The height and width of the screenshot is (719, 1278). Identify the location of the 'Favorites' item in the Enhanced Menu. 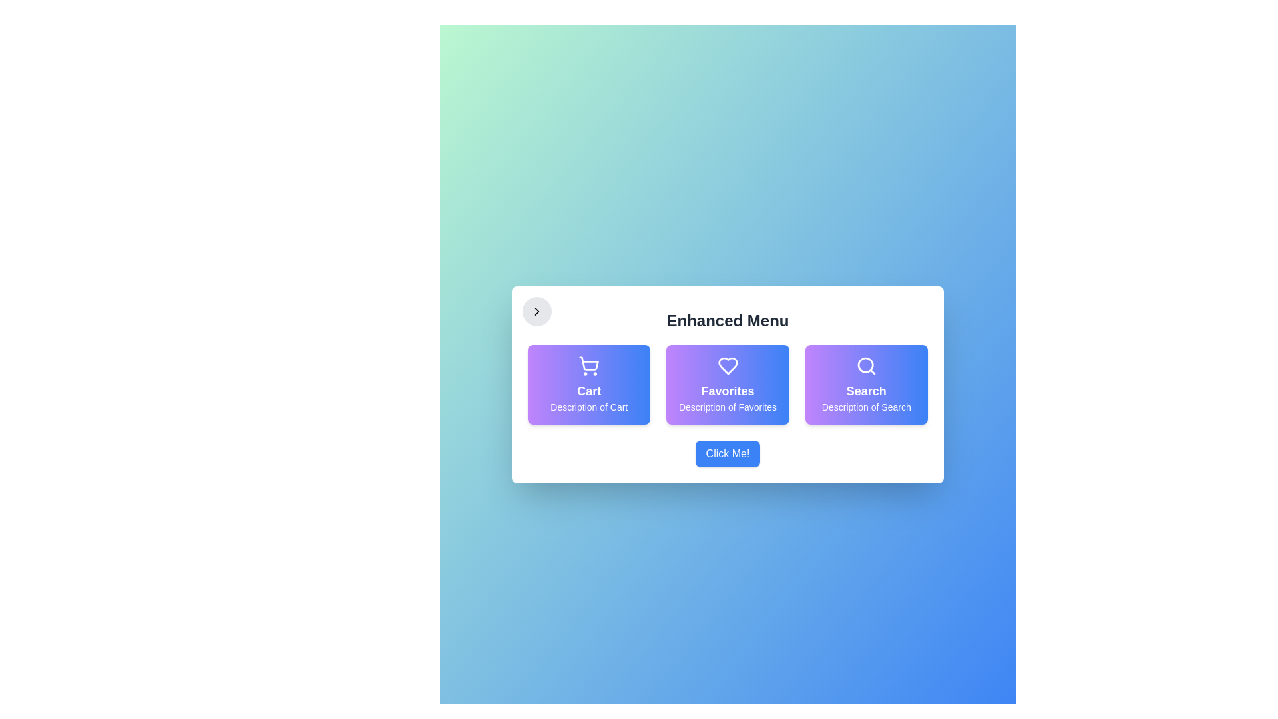
(727, 385).